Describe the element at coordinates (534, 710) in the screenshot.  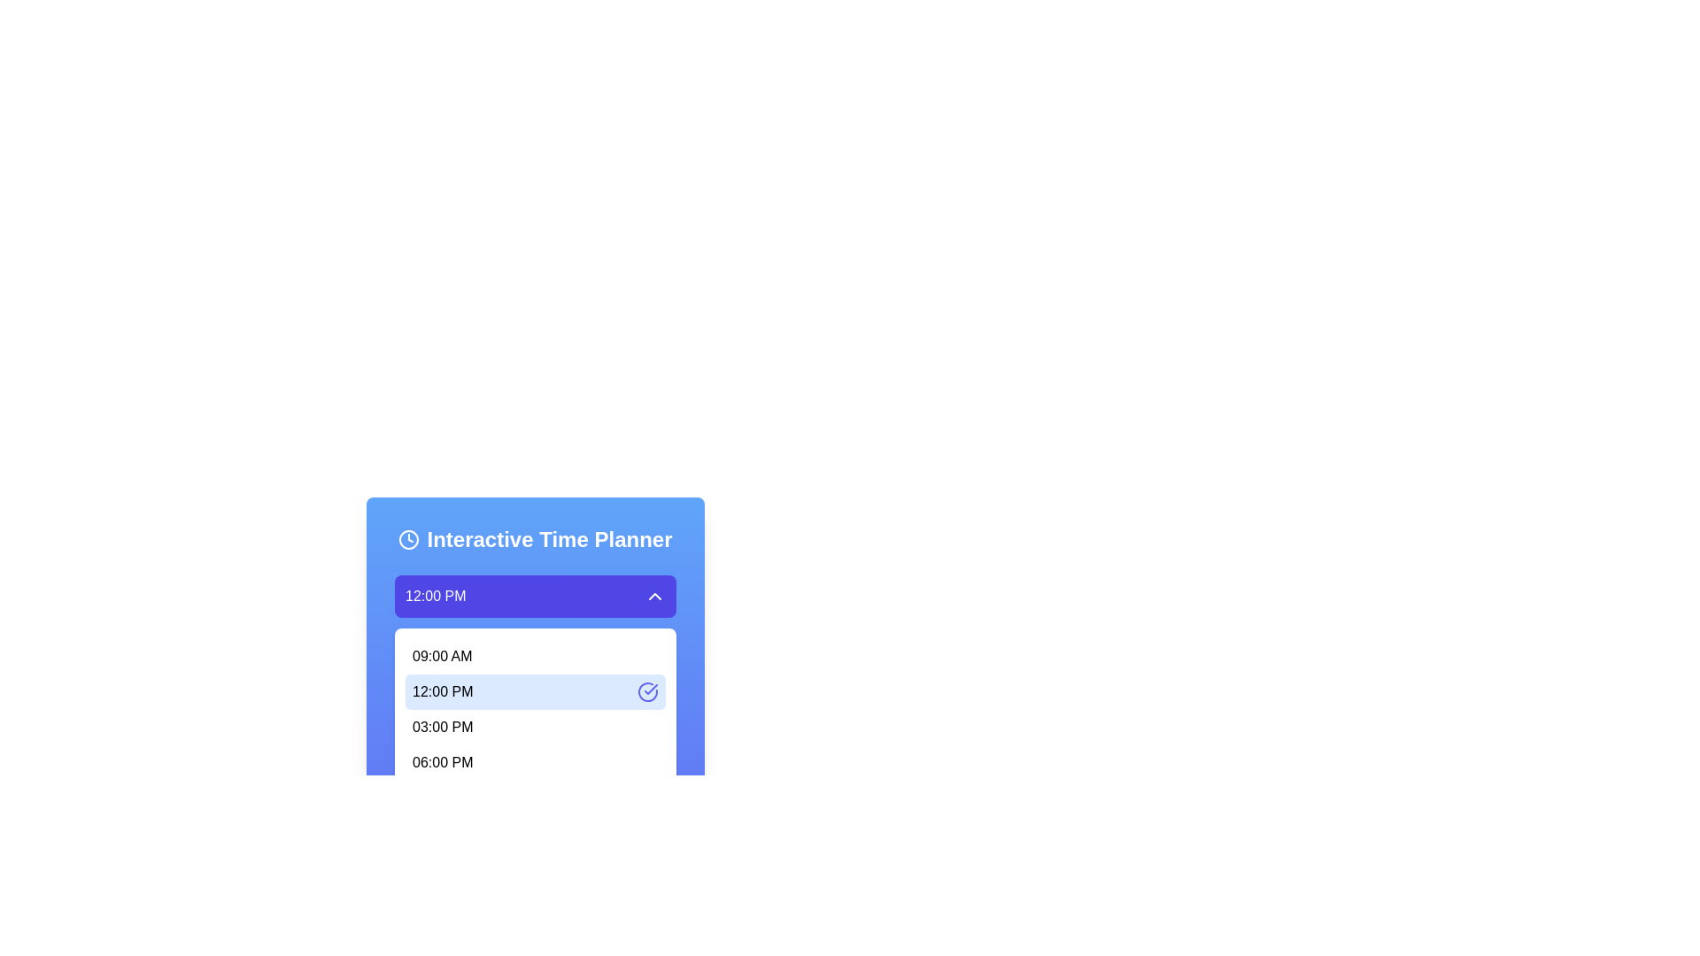
I see `the selected time option '12:00 PM' within the dropdown menu` at that location.